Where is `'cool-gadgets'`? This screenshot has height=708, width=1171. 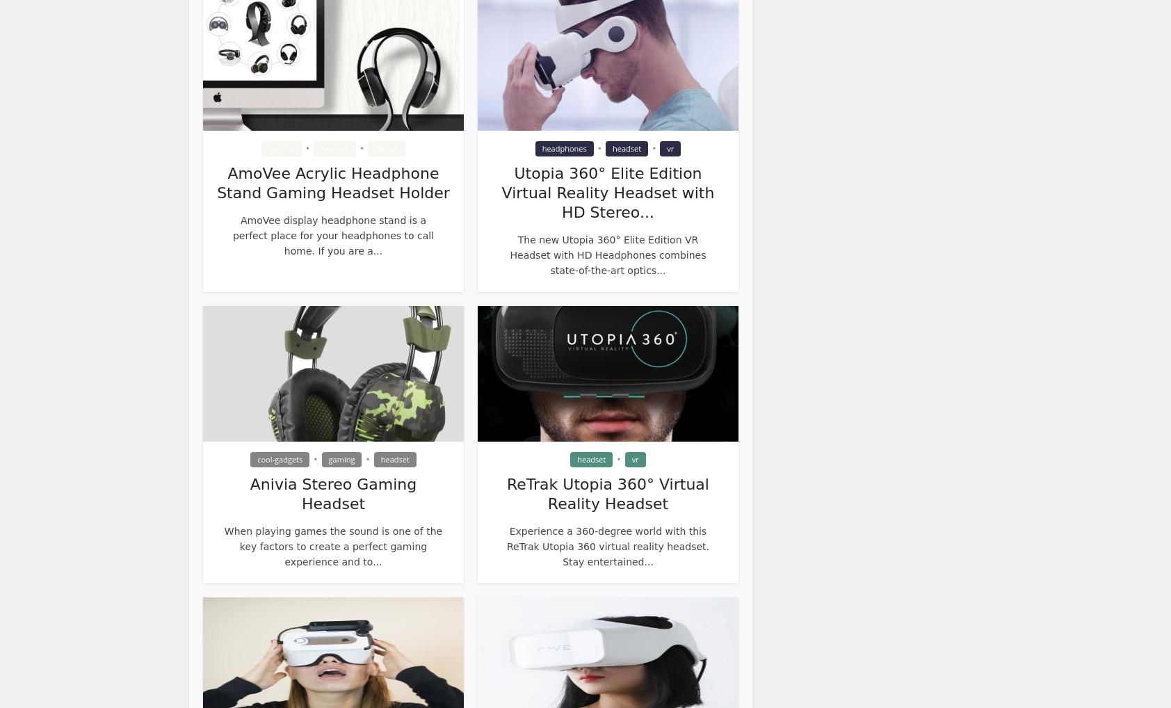 'cool-gadgets' is located at coordinates (280, 458).